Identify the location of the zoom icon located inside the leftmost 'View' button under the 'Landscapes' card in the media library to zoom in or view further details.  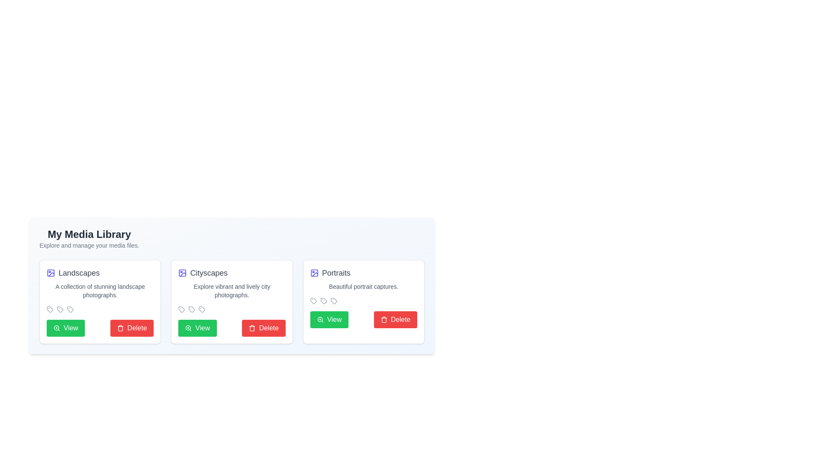
(56, 328).